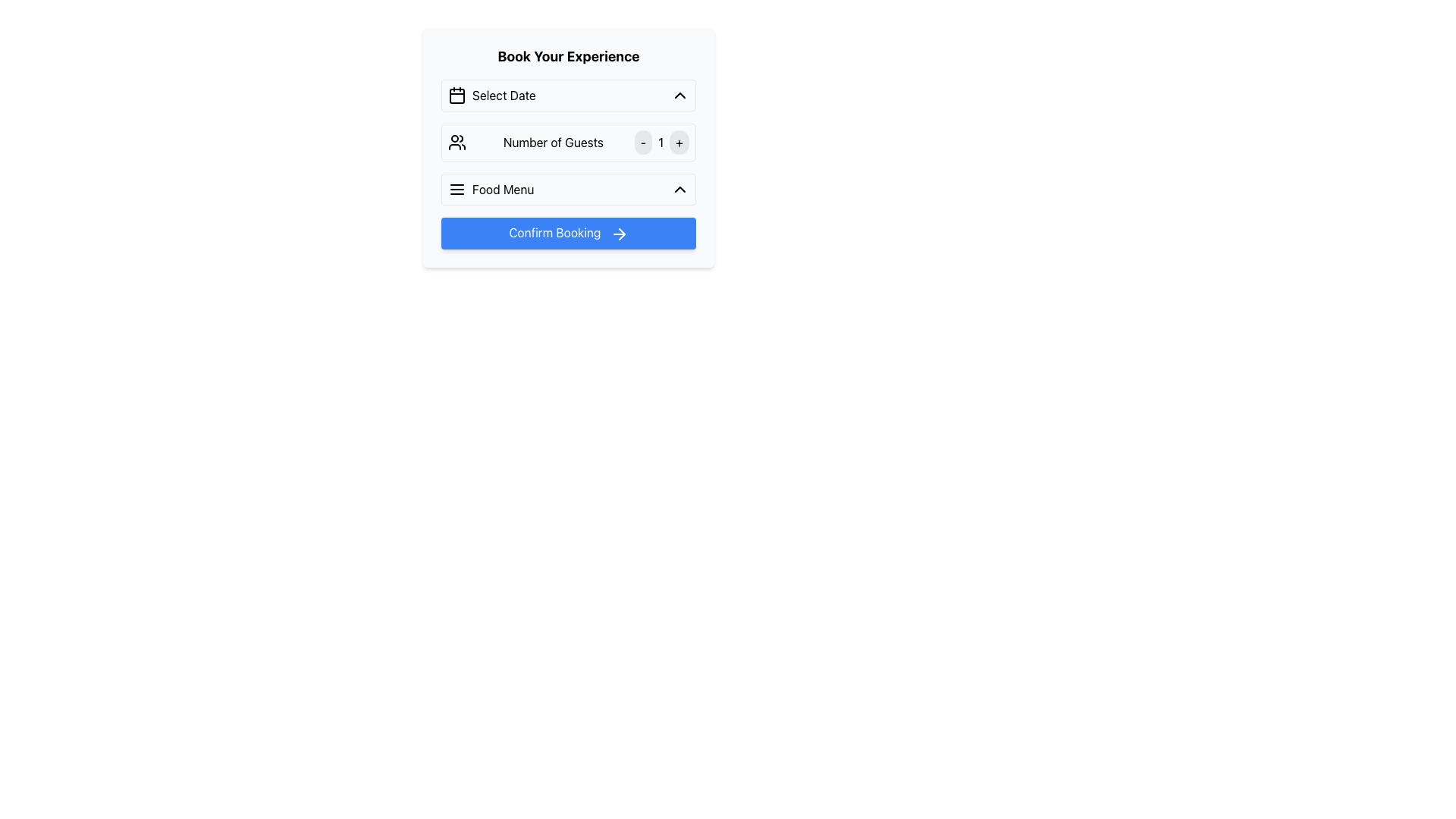  I want to click on the upward-facing chevron icon located on the far right side of the 'Food Menu' section, so click(679, 189).